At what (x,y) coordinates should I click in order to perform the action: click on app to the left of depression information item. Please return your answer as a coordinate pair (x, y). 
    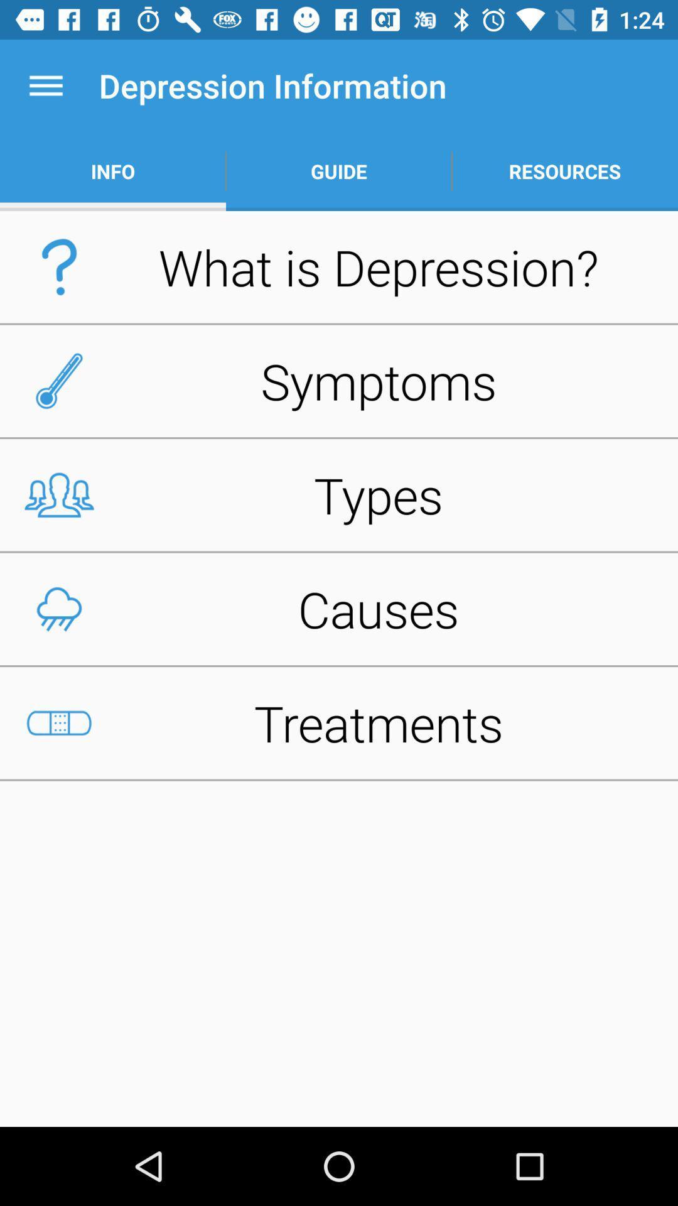
    Looking at the image, I should click on (45, 85).